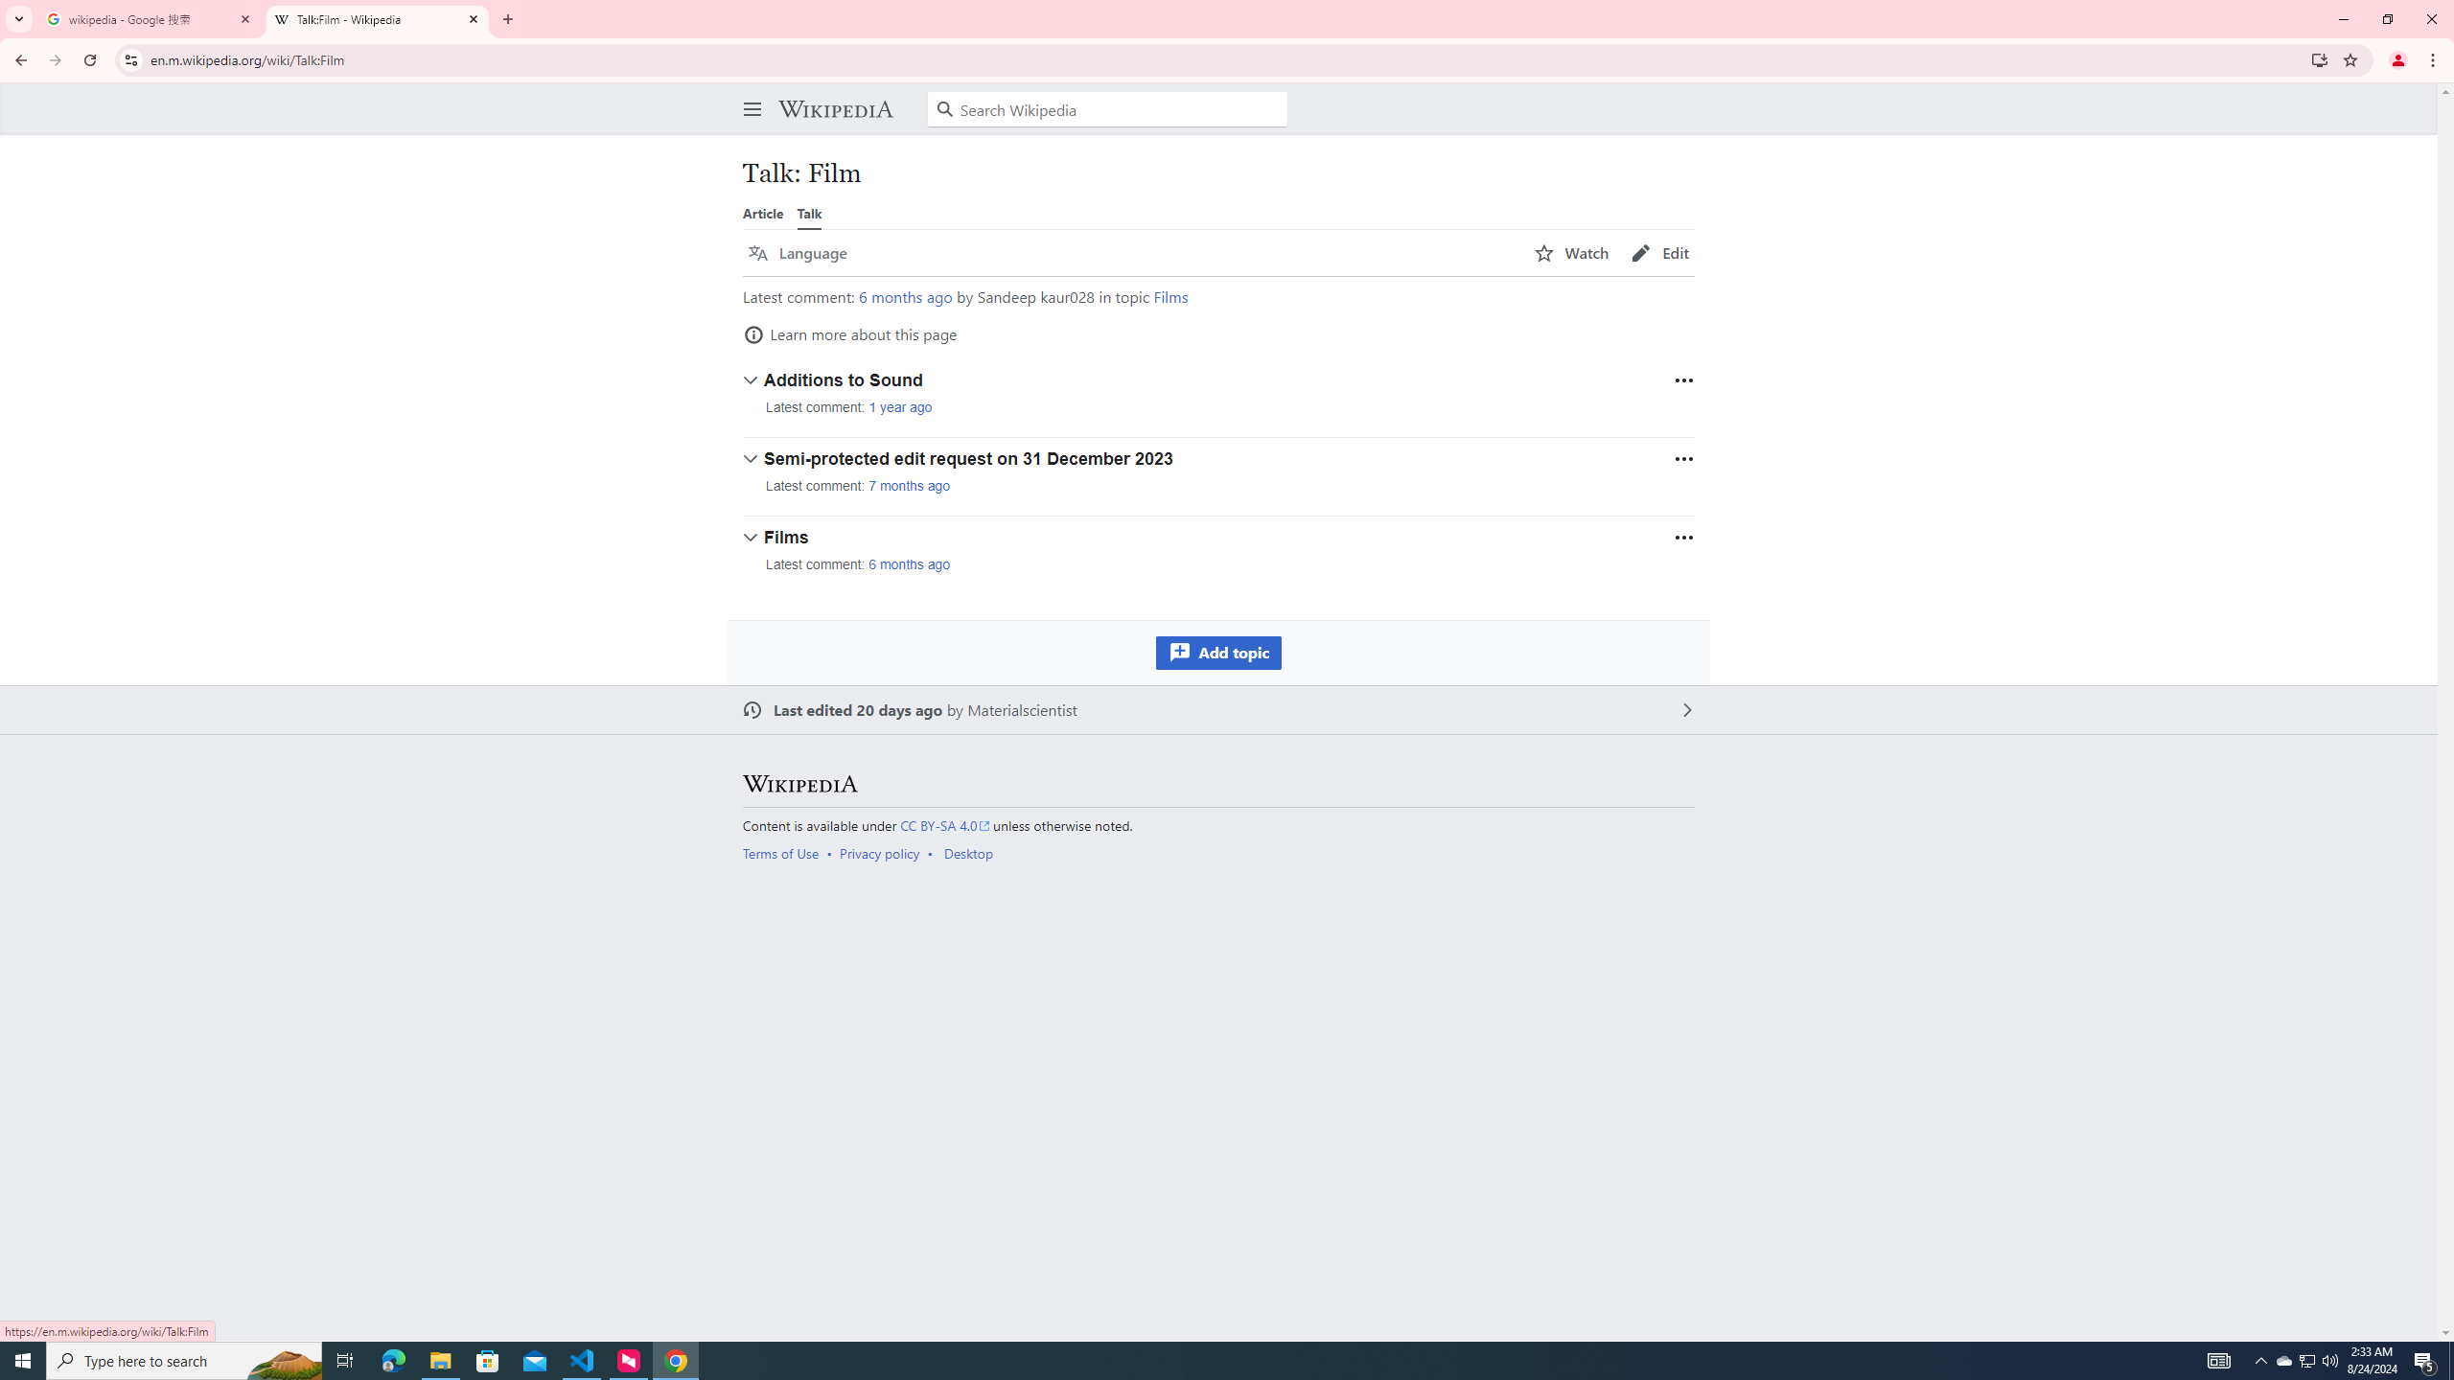  I want to click on 'Desktop', so click(966, 851).